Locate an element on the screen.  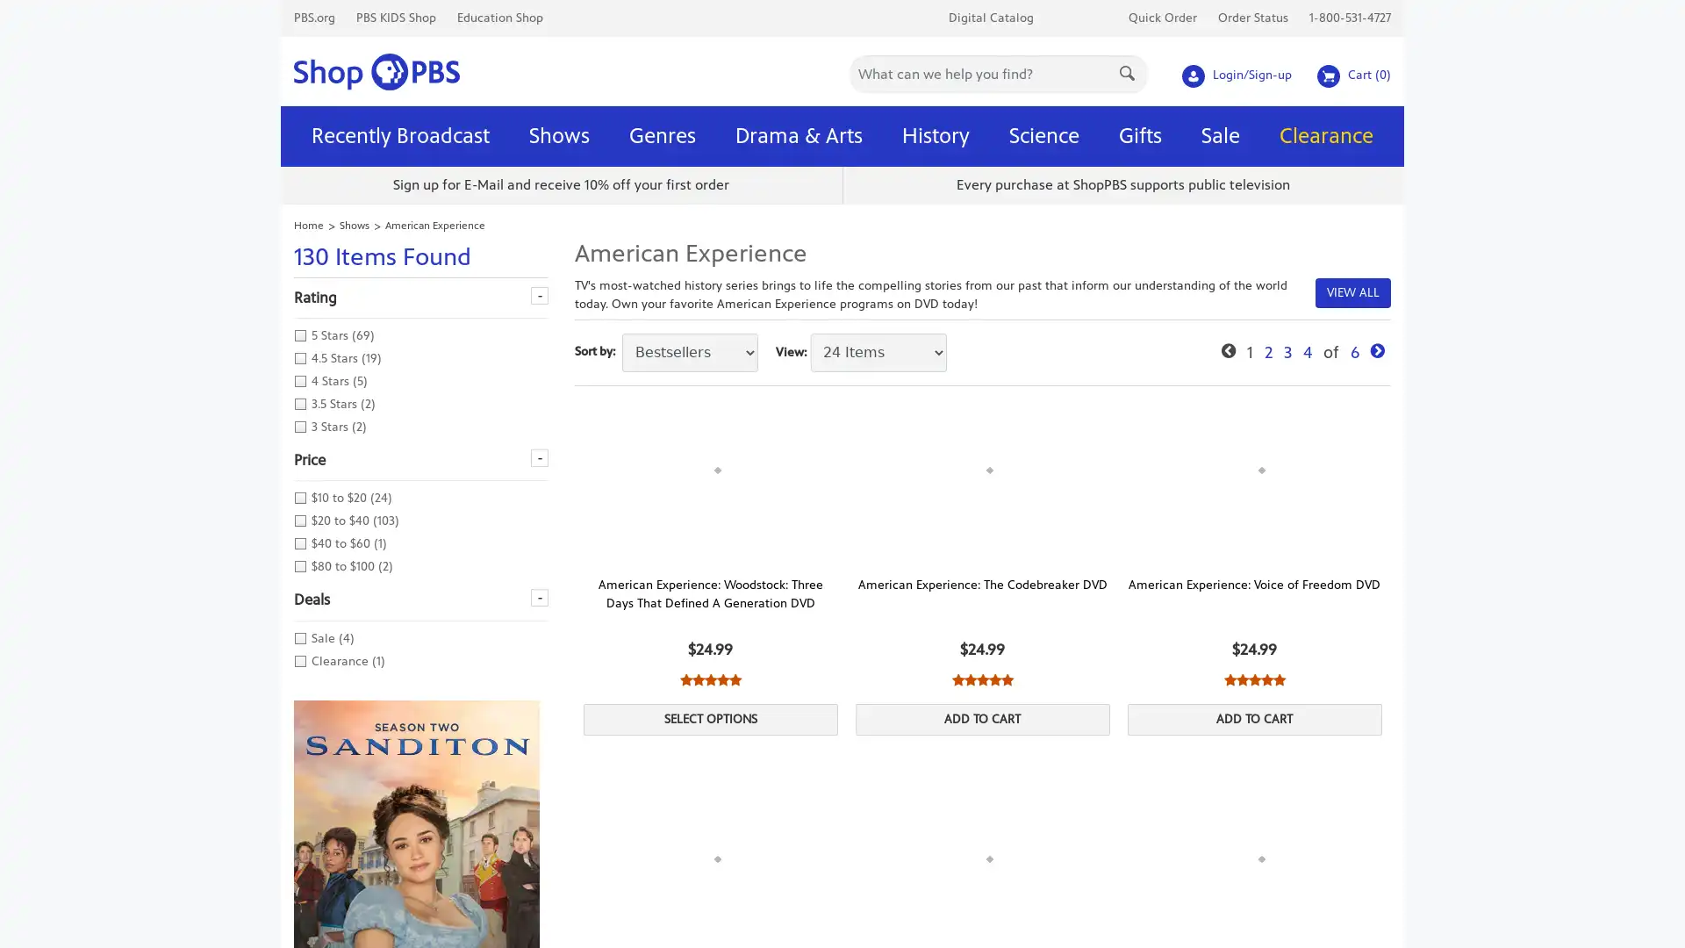
Sign up button is located at coordinates (957, 265).